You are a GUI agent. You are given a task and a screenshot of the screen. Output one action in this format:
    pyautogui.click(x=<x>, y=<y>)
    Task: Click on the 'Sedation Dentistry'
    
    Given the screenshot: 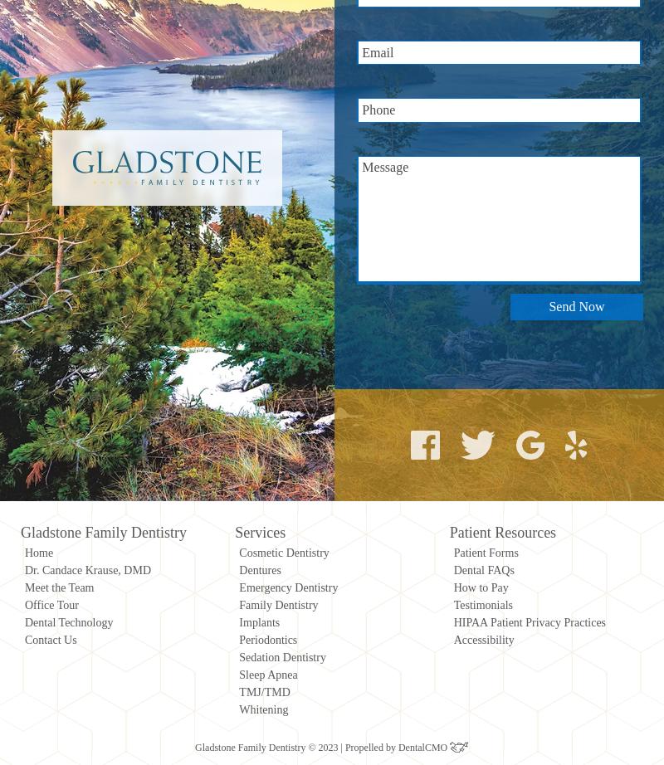 What is the action you would take?
    pyautogui.click(x=282, y=655)
    